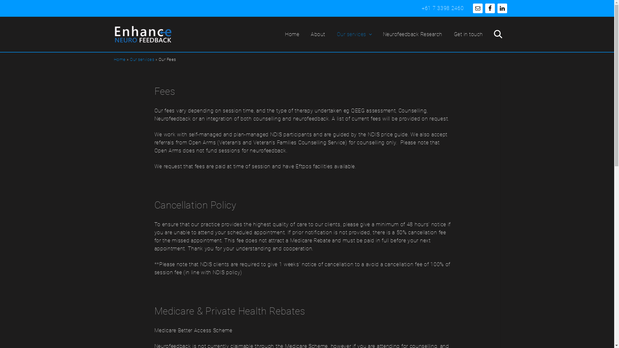 The image size is (619, 348). I want to click on 'Skip to right header navigation', so click(0, 0).